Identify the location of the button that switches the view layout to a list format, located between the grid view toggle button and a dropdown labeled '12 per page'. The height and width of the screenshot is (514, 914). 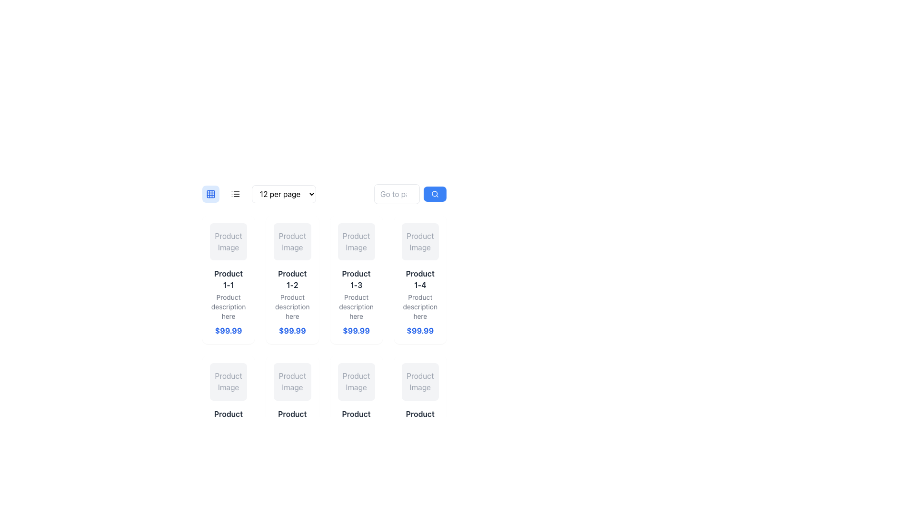
(235, 194).